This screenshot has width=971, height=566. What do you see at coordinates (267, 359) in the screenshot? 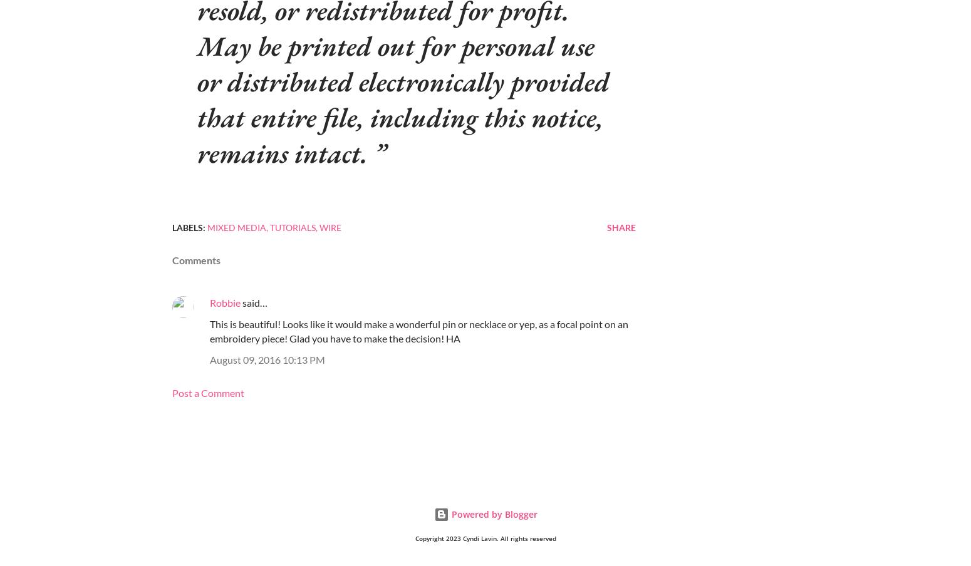
I see `'August 09, 2016 10:13 PM'` at bounding box center [267, 359].